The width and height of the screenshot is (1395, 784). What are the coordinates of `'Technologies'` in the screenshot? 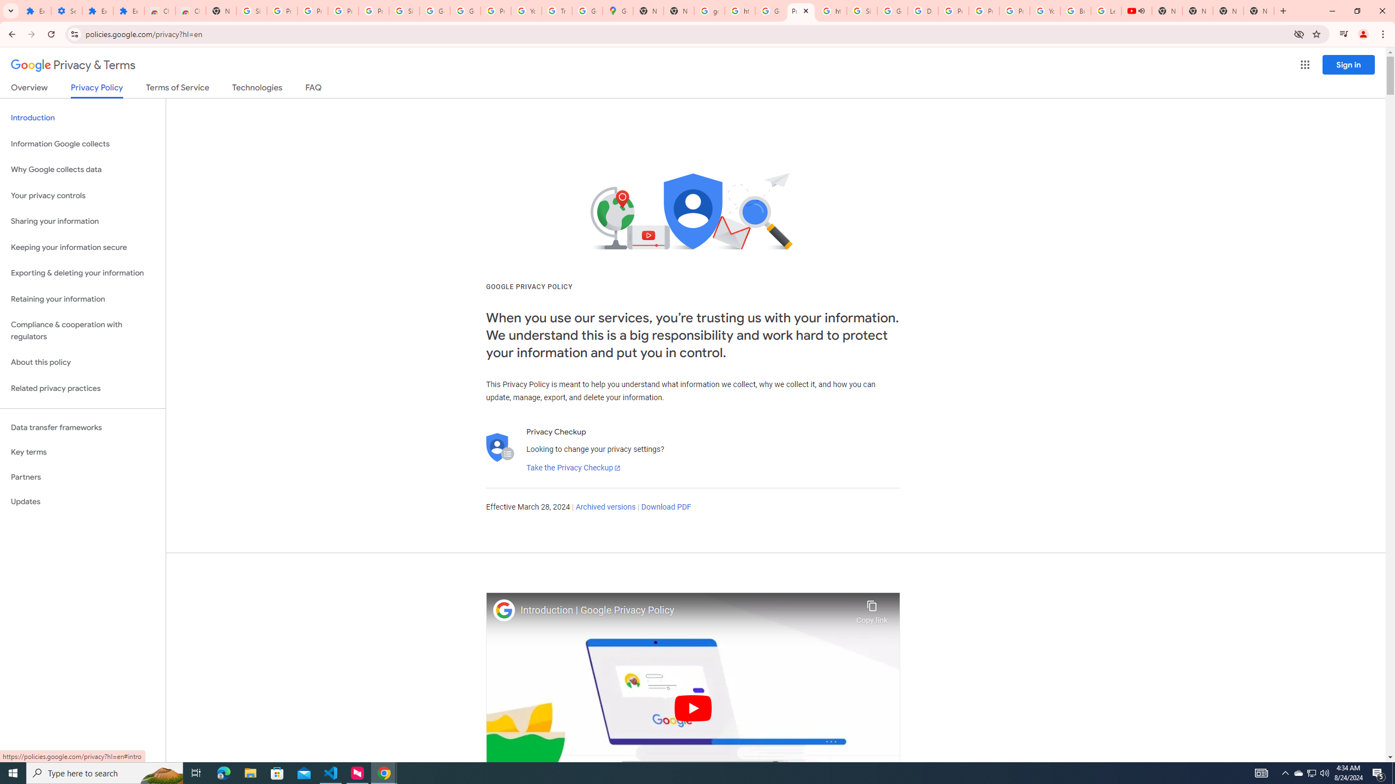 It's located at (257, 89).